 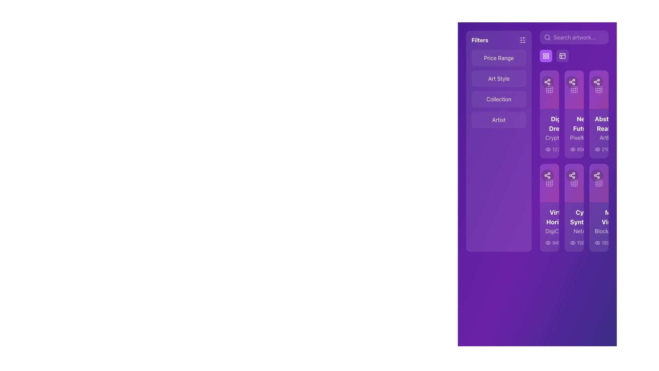 What do you see at coordinates (599, 242) in the screenshot?
I see `the text label displaying the number '1890145', which is styled with a light gray color on a purple background, located in the bottom section of the Meta Visions card in the sixth column of the grid layout` at bounding box center [599, 242].